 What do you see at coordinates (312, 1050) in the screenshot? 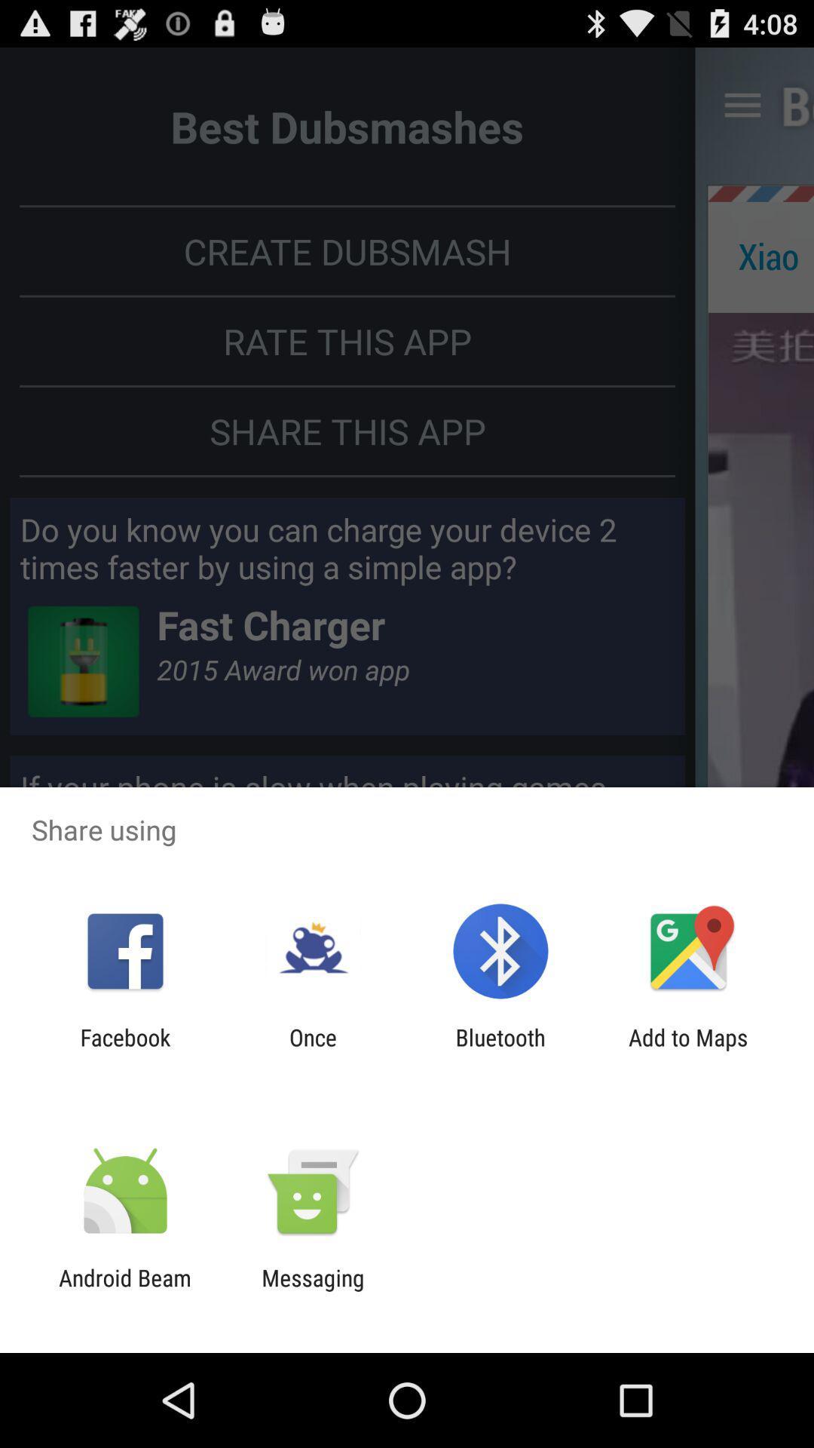
I see `the item next to the bluetooth item` at bounding box center [312, 1050].